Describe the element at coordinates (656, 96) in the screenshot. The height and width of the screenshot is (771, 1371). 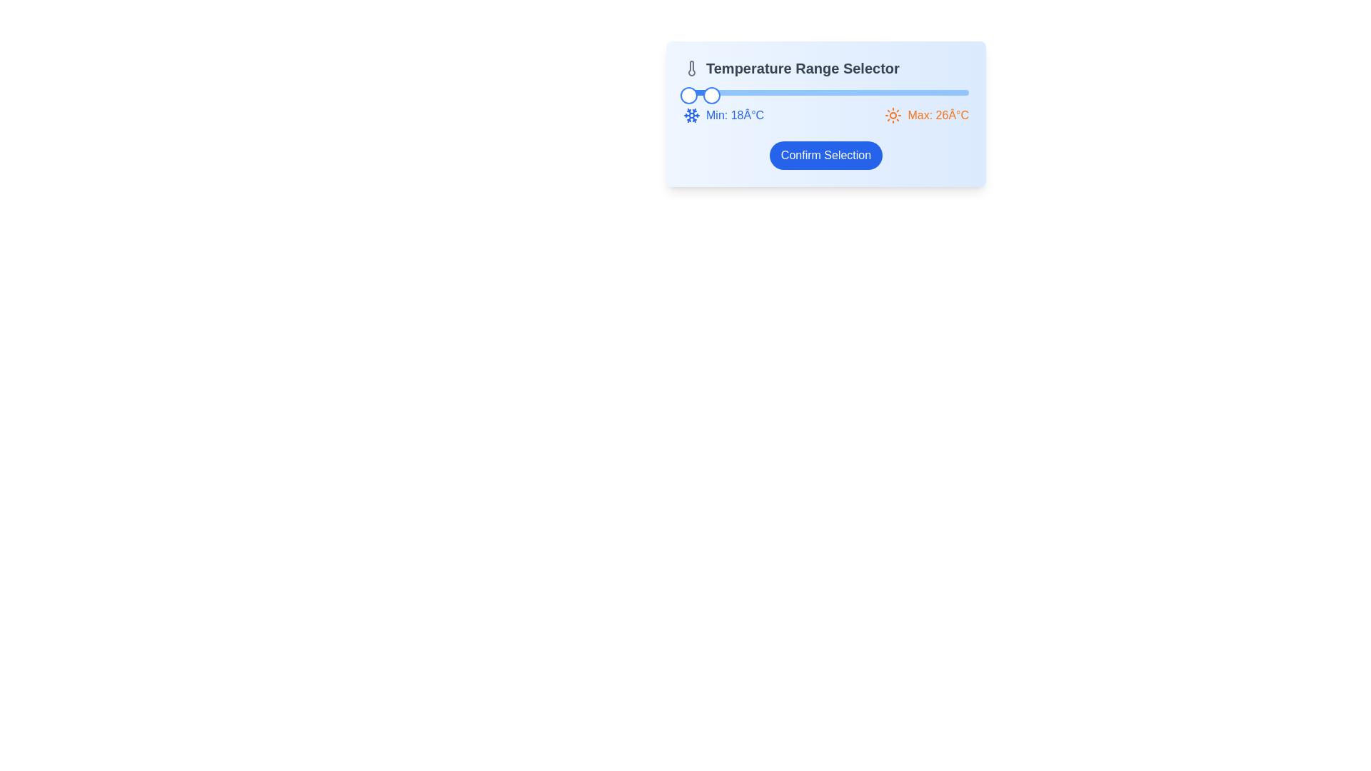
I see `the left slider knob` at that location.